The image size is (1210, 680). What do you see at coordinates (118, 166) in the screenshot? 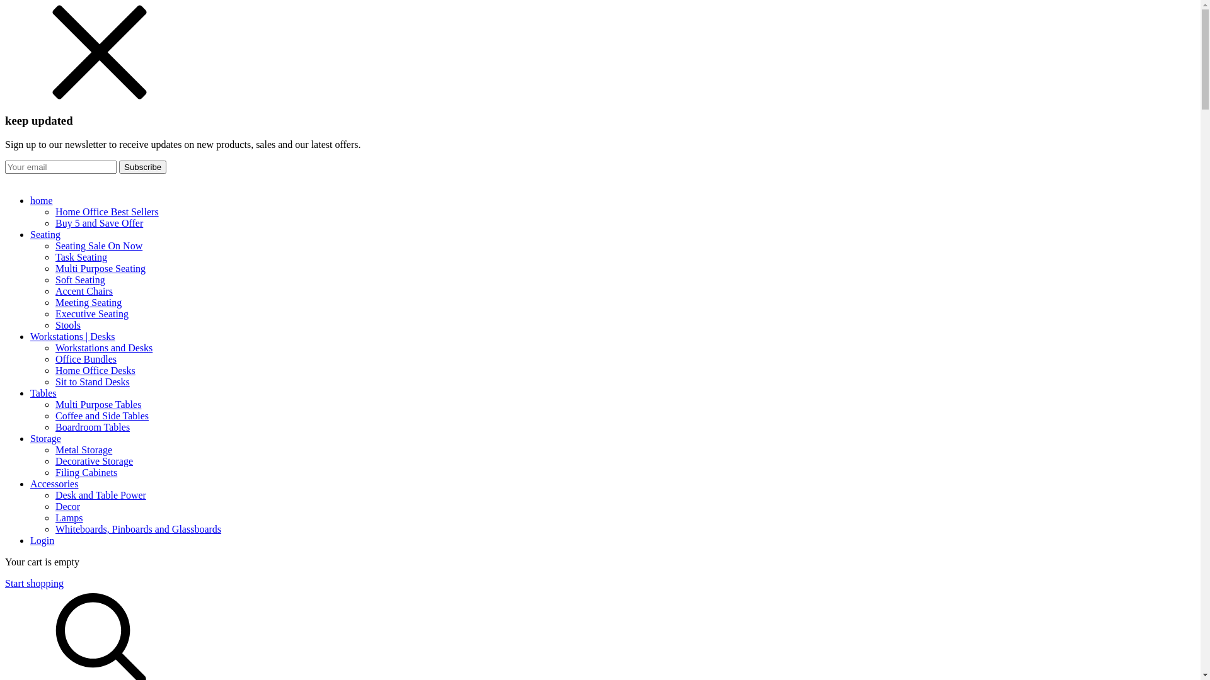
I see `'Subscribe'` at bounding box center [118, 166].